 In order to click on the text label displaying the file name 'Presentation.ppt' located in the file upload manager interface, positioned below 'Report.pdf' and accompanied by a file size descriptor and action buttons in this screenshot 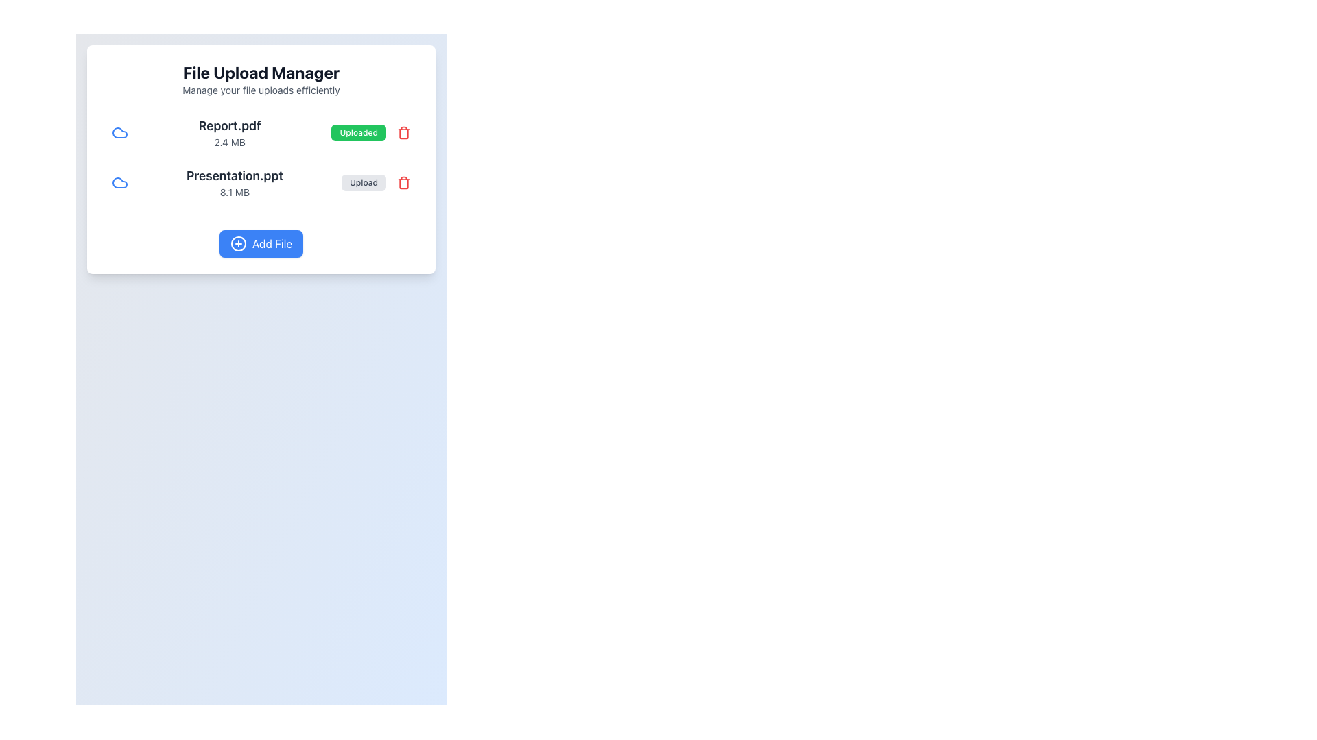, I will do `click(235, 175)`.